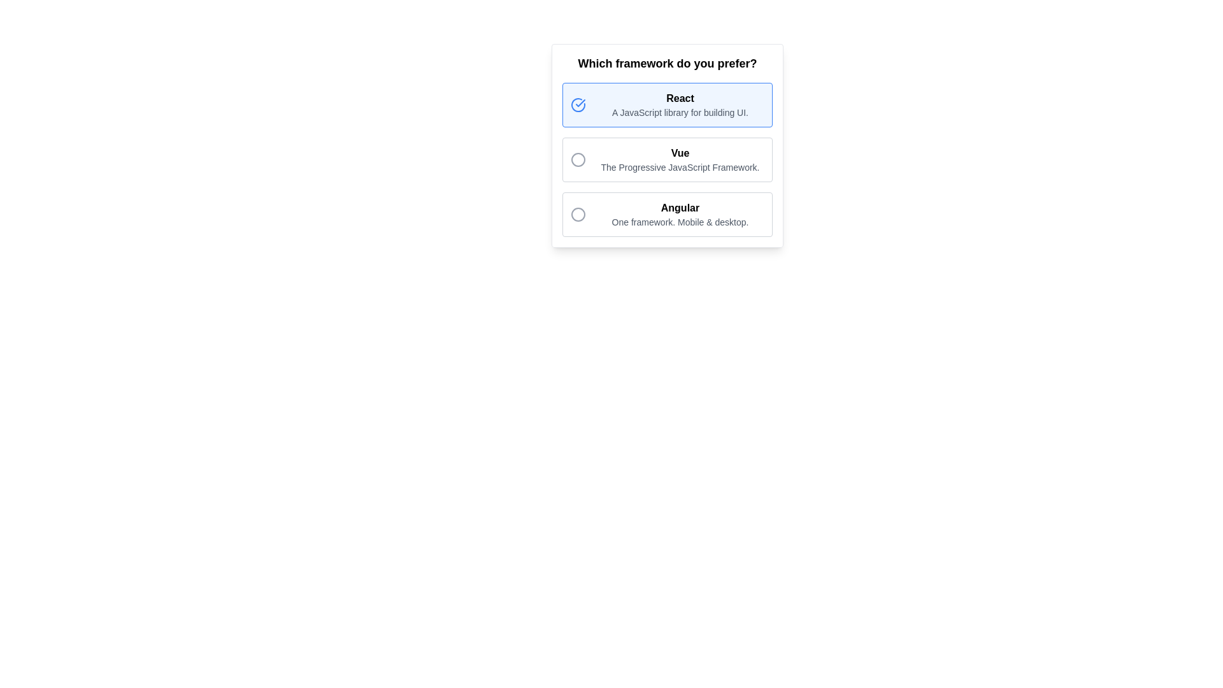 Image resolution: width=1223 pixels, height=688 pixels. What do you see at coordinates (680, 166) in the screenshot?
I see `description text label containing 'The Progressive JavaScript Framework.' located beneath the heading 'Vue'` at bounding box center [680, 166].